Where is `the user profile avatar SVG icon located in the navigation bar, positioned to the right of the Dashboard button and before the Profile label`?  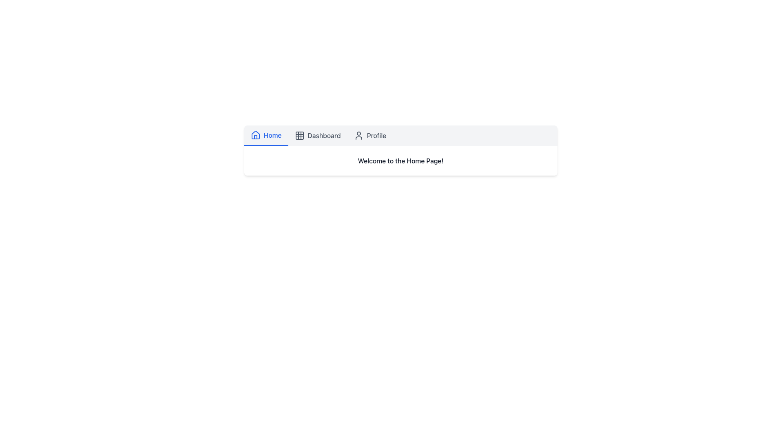 the user profile avatar SVG icon located in the navigation bar, positioned to the right of the Dashboard button and before the Profile label is located at coordinates (358, 135).